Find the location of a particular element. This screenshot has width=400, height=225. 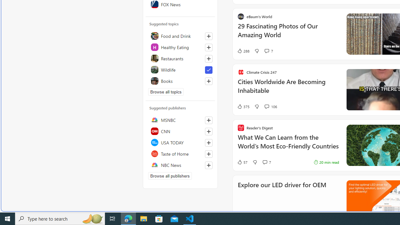

'View comments 106 Comment' is located at coordinates (270, 106).